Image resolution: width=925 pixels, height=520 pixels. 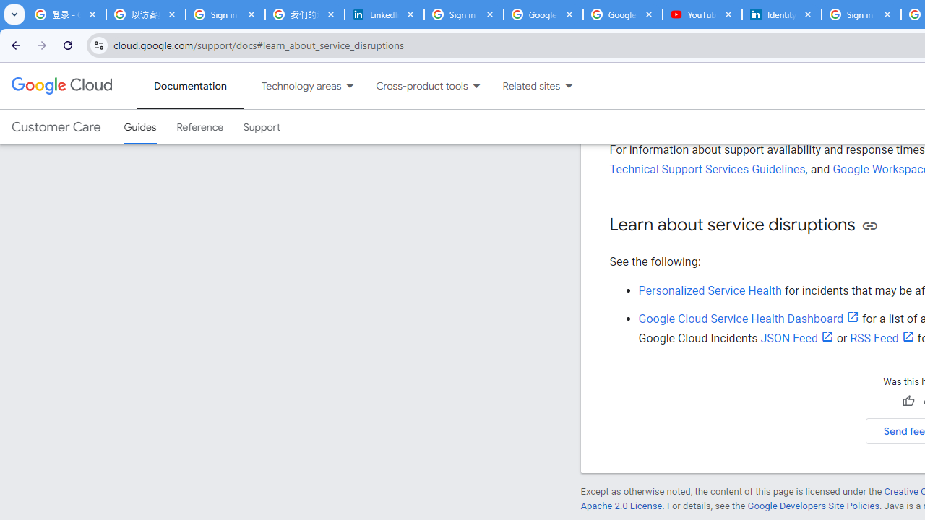 What do you see at coordinates (621, 505) in the screenshot?
I see `'Apache 2.0 License'` at bounding box center [621, 505].